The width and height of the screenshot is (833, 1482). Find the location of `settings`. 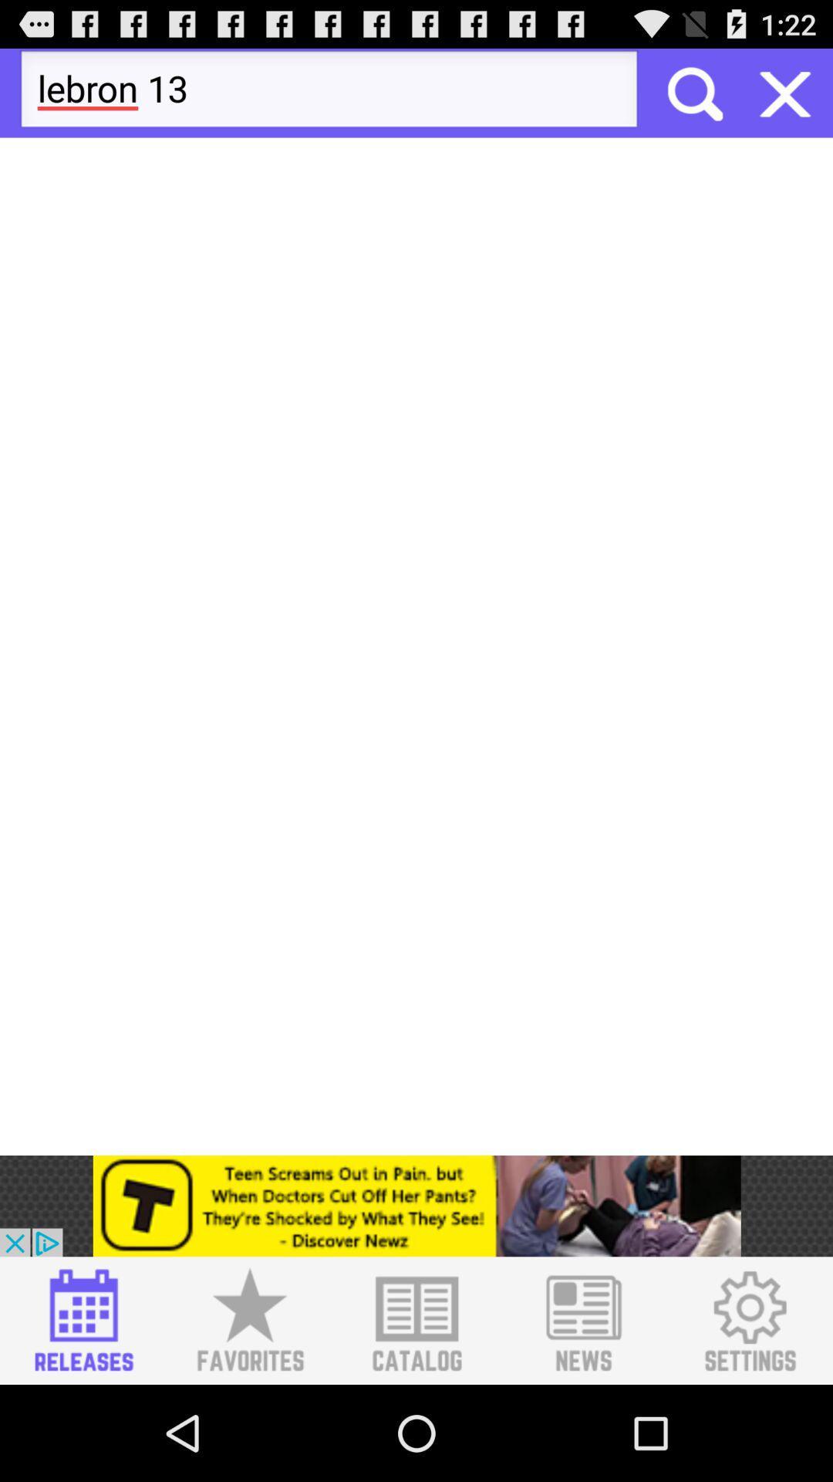

settings is located at coordinates (749, 1320).